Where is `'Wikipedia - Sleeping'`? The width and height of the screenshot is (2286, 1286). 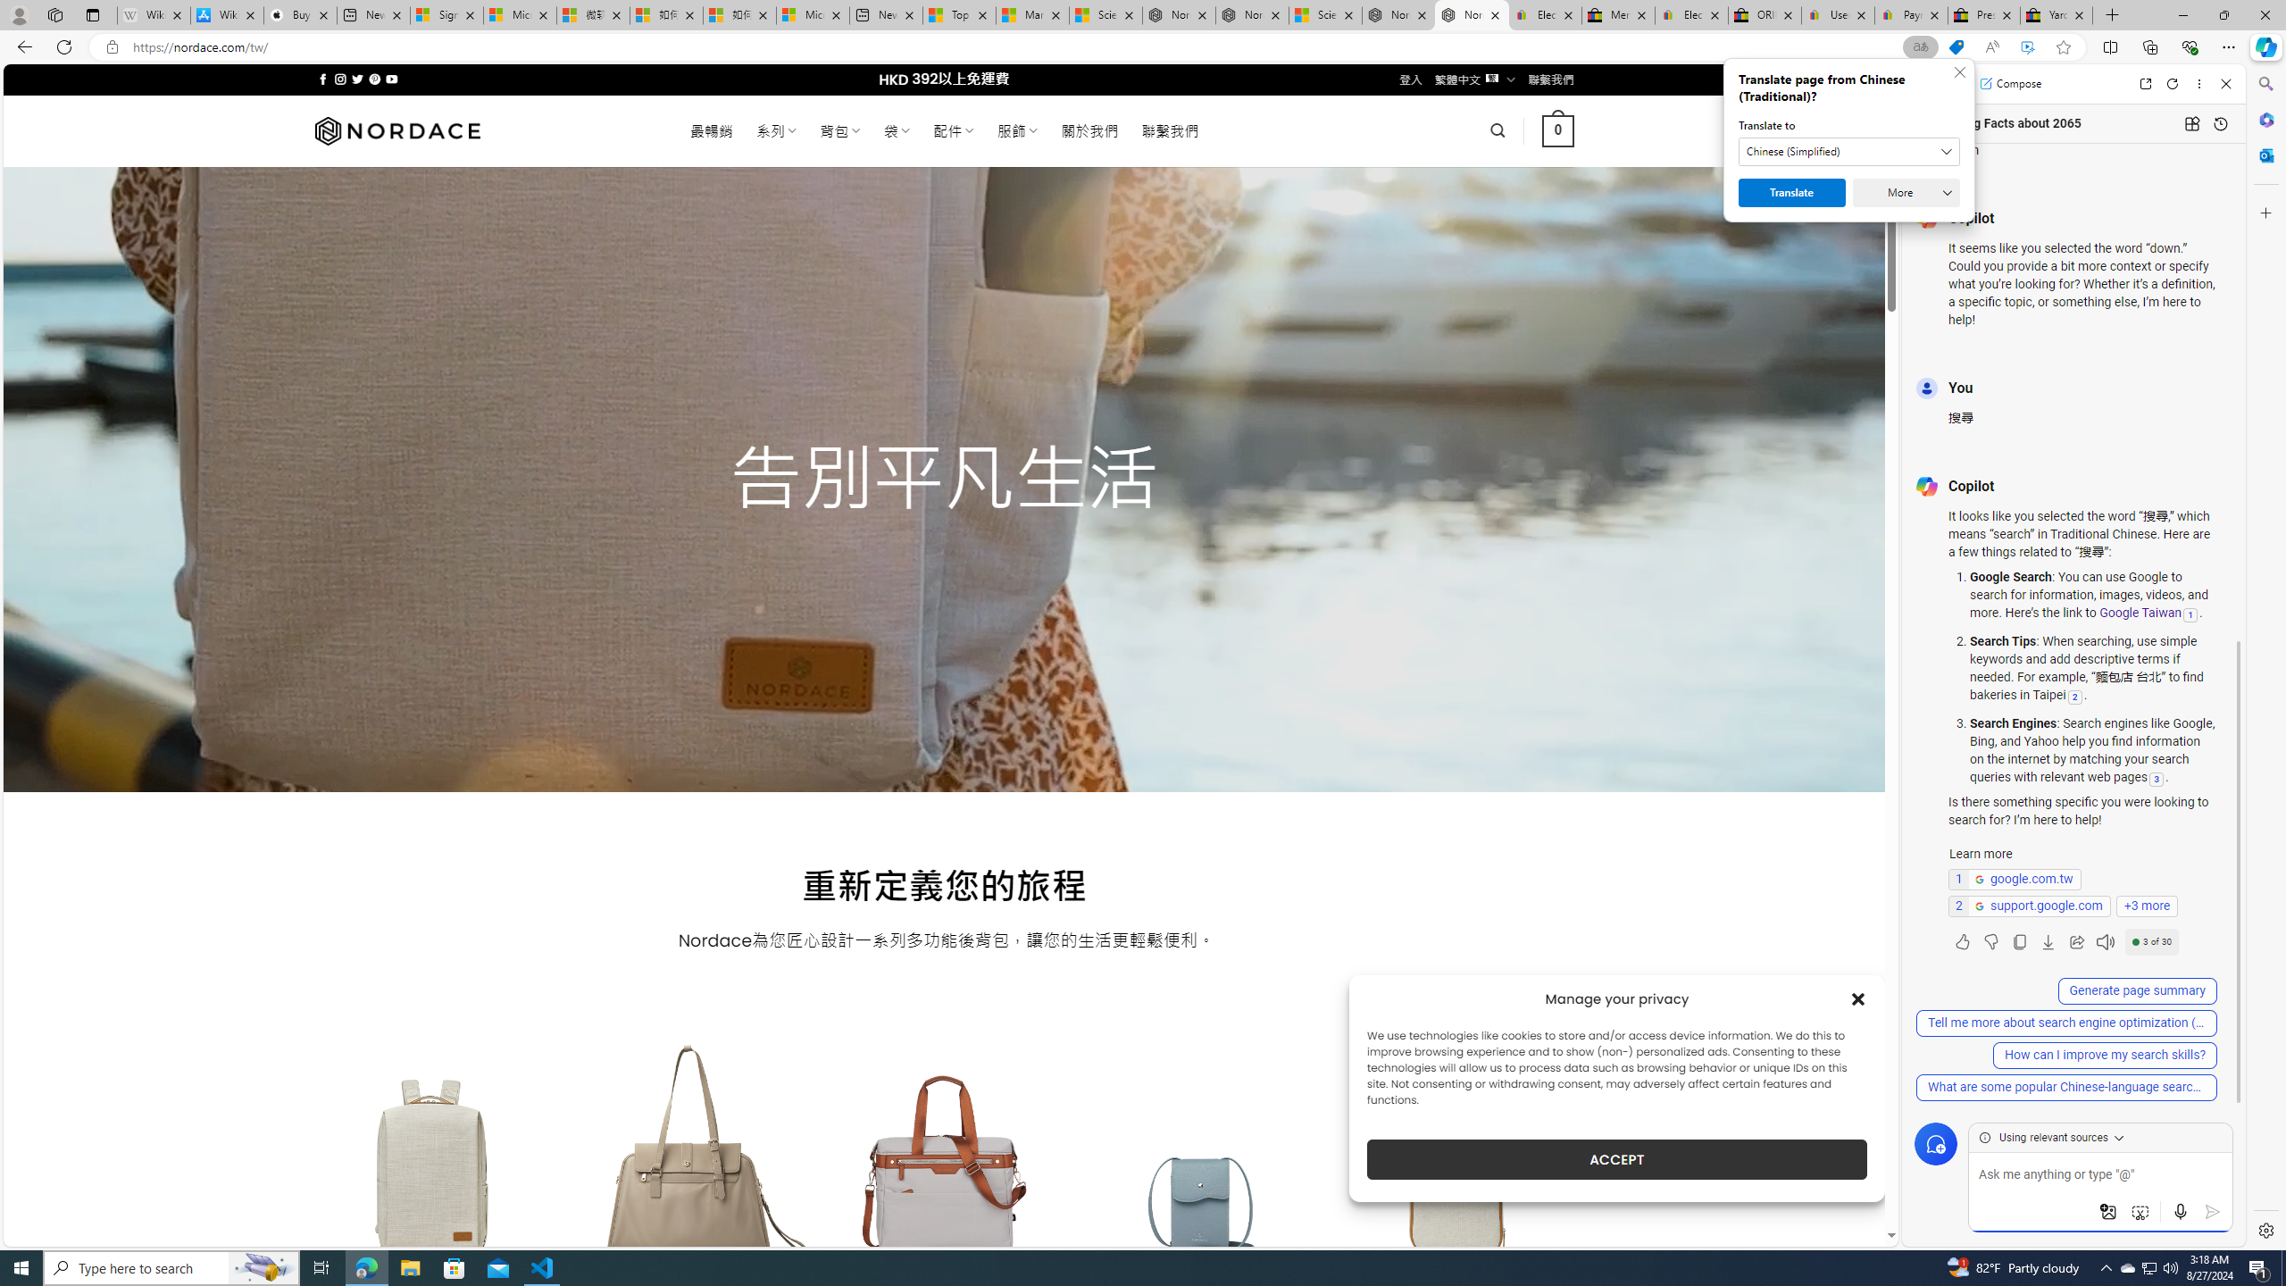
'Wikipedia - Sleeping' is located at coordinates (153, 14).